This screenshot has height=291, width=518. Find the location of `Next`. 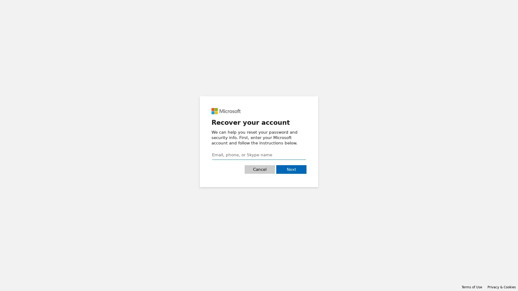

Next is located at coordinates (291, 169).